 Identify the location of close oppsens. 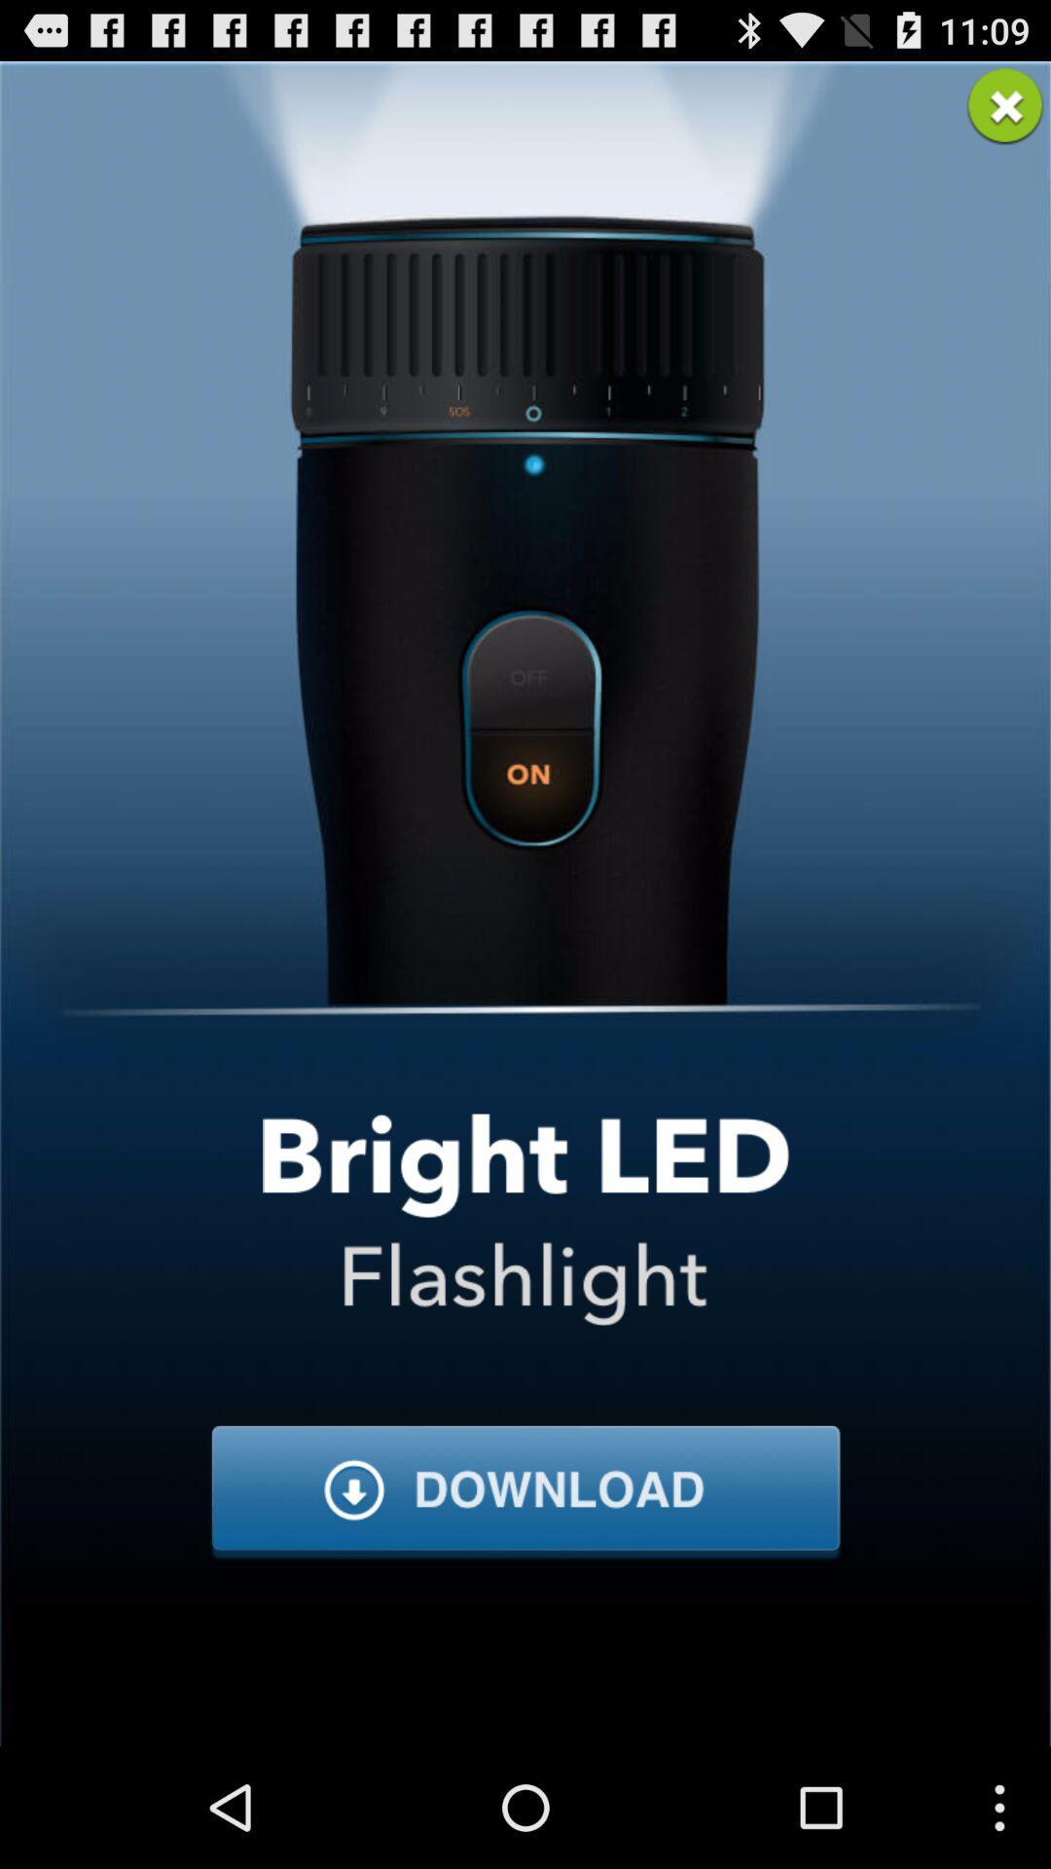
(1005, 105).